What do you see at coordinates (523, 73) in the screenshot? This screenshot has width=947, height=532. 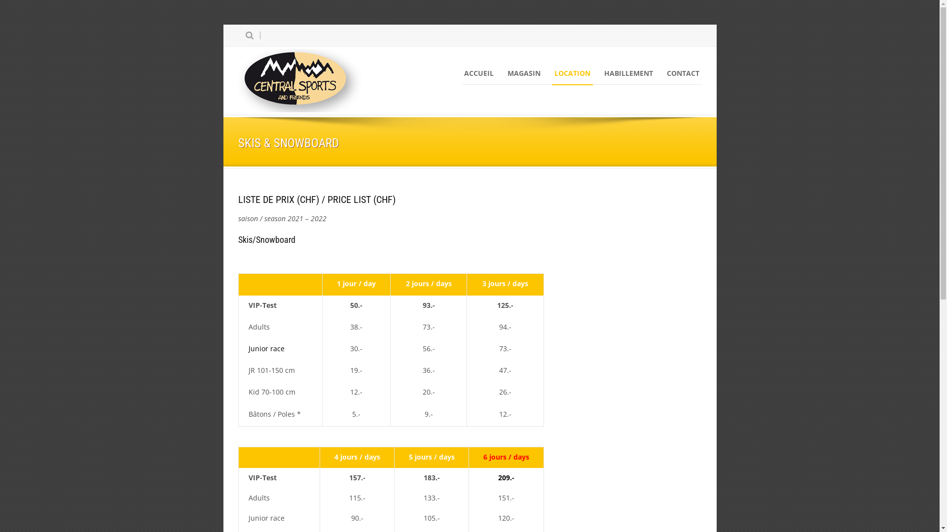 I see `'MAGASIN'` at bounding box center [523, 73].